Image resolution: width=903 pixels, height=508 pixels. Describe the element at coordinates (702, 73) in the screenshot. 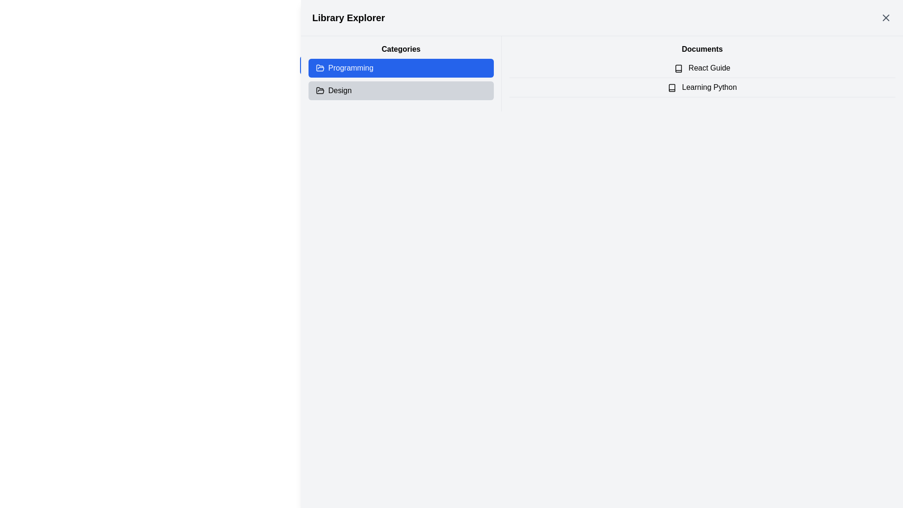

I see `the book icons in the 'Documents' section of the category display, which lists 'React Guide' and 'Learning Python'` at that location.